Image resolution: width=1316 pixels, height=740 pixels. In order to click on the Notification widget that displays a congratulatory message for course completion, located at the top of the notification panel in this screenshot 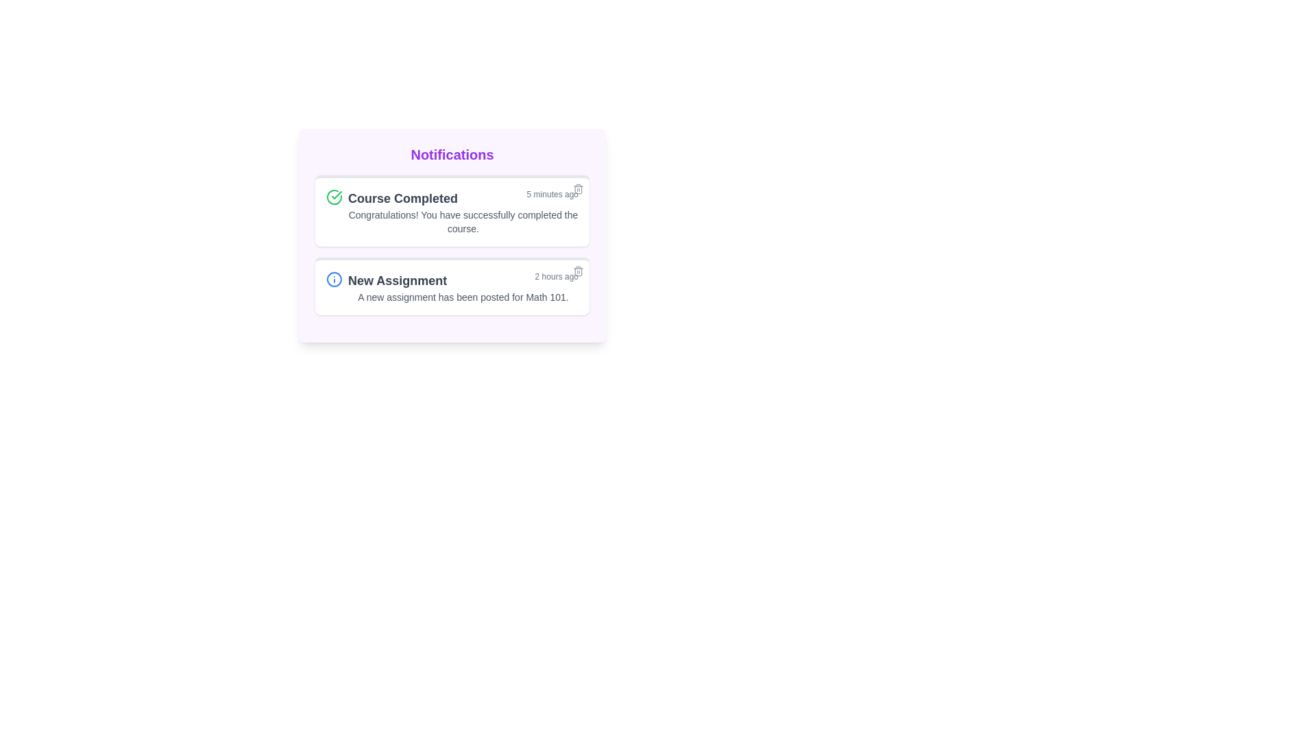, I will do `click(463, 212)`.